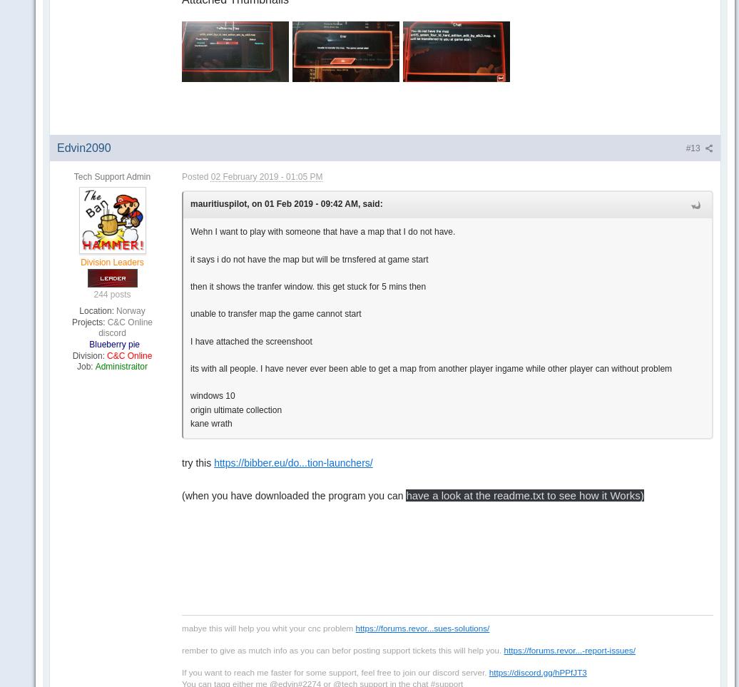 The image size is (739, 687). I want to click on 'kane wrath', so click(210, 423).